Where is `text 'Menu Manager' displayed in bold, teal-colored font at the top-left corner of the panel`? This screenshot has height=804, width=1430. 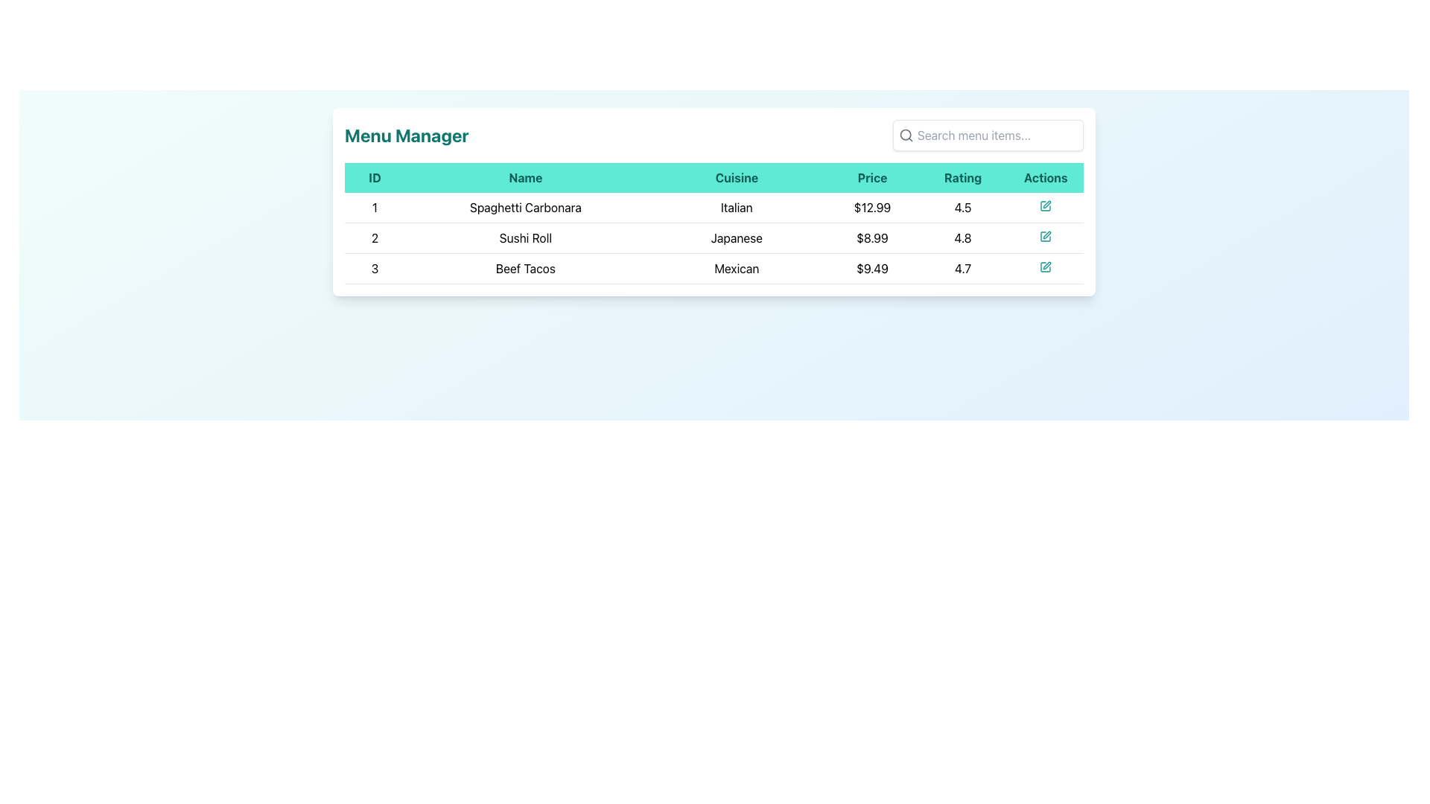 text 'Menu Manager' displayed in bold, teal-colored font at the top-left corner of the panel is located at coordinates (407, 135).